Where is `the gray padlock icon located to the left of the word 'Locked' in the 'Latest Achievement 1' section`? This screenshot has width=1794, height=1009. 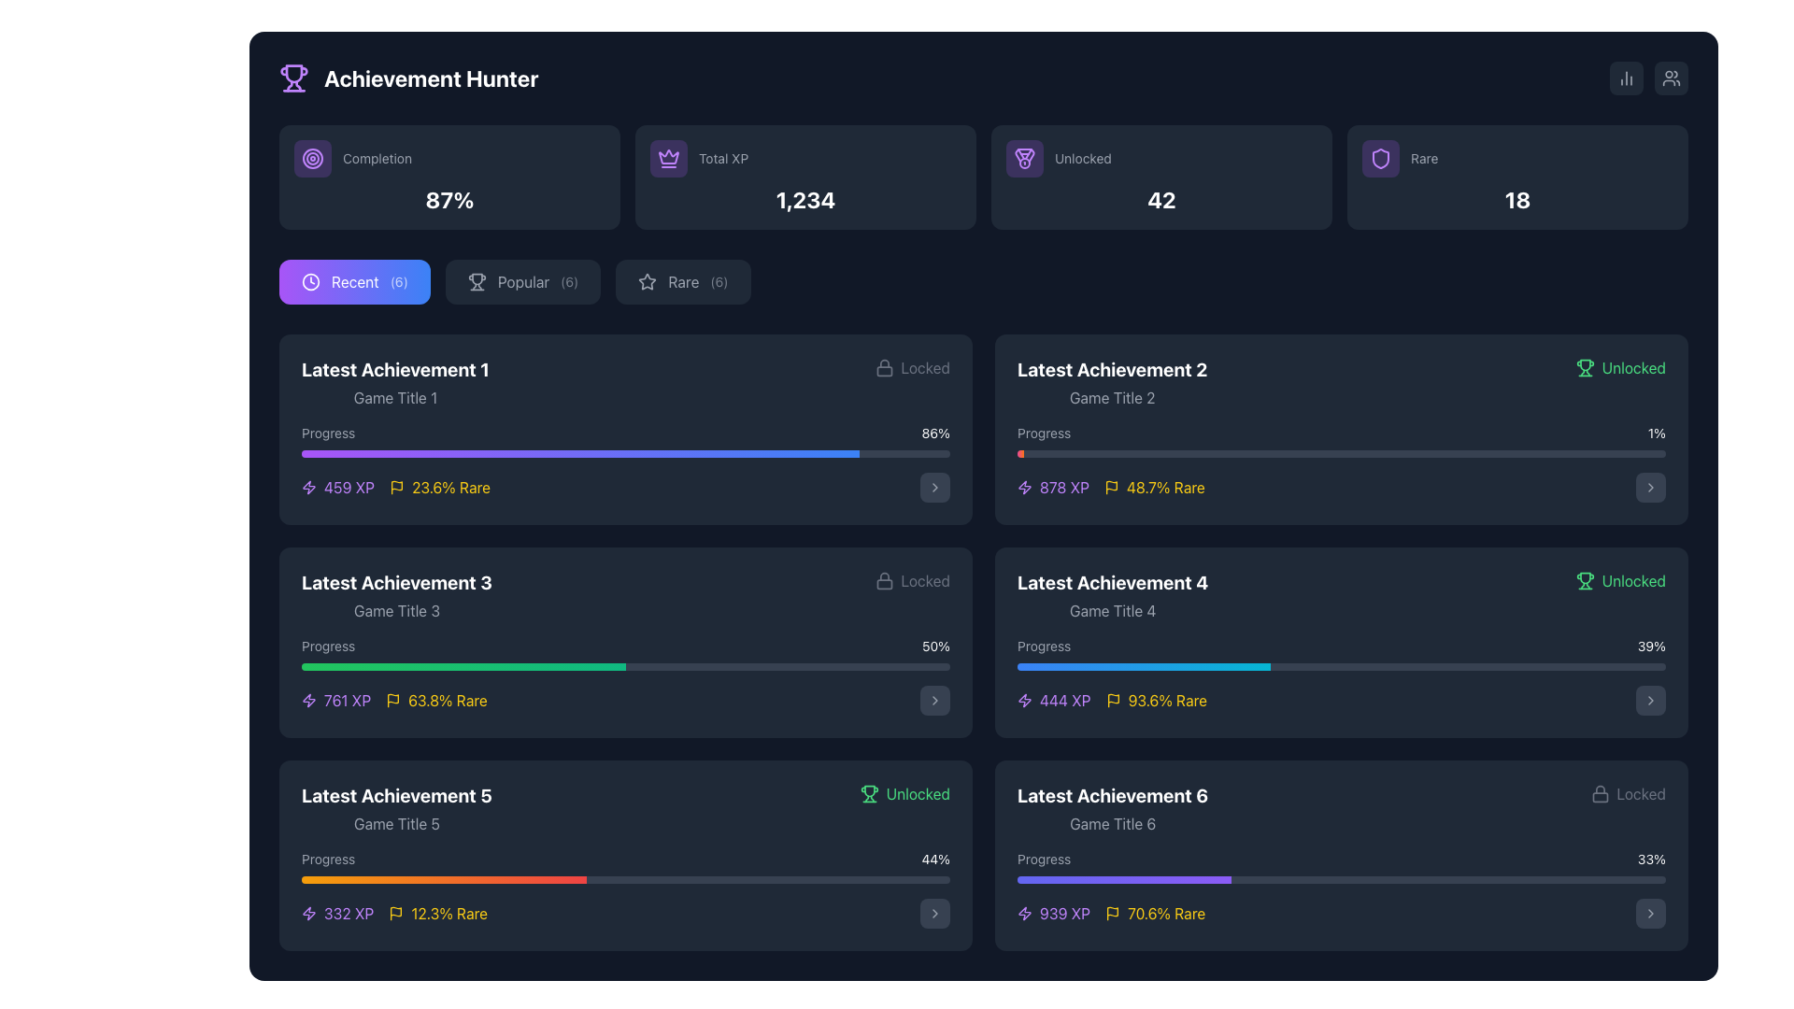
the gray padlock icon located to the left of the word 'Locked' in the 'Latest Achievement 1' section is located at coordinates (883, 579).